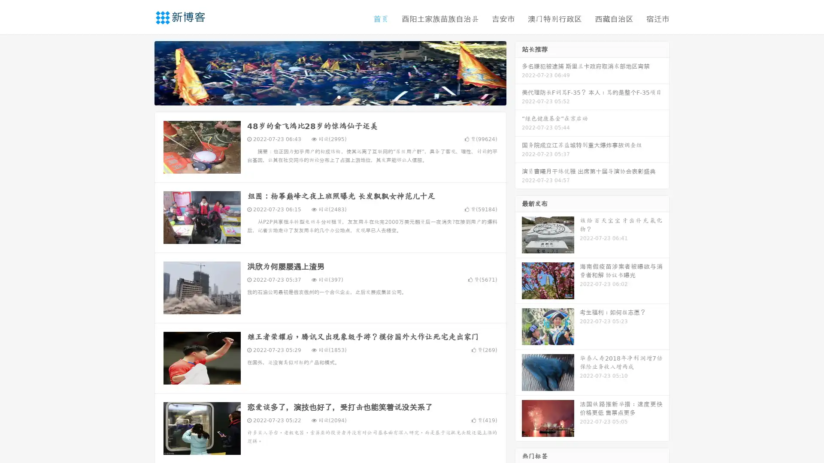 The image size is (824, 463). Describe the element at coordinates (518, 72) in the screenshot. I see `Next slide` at that location.